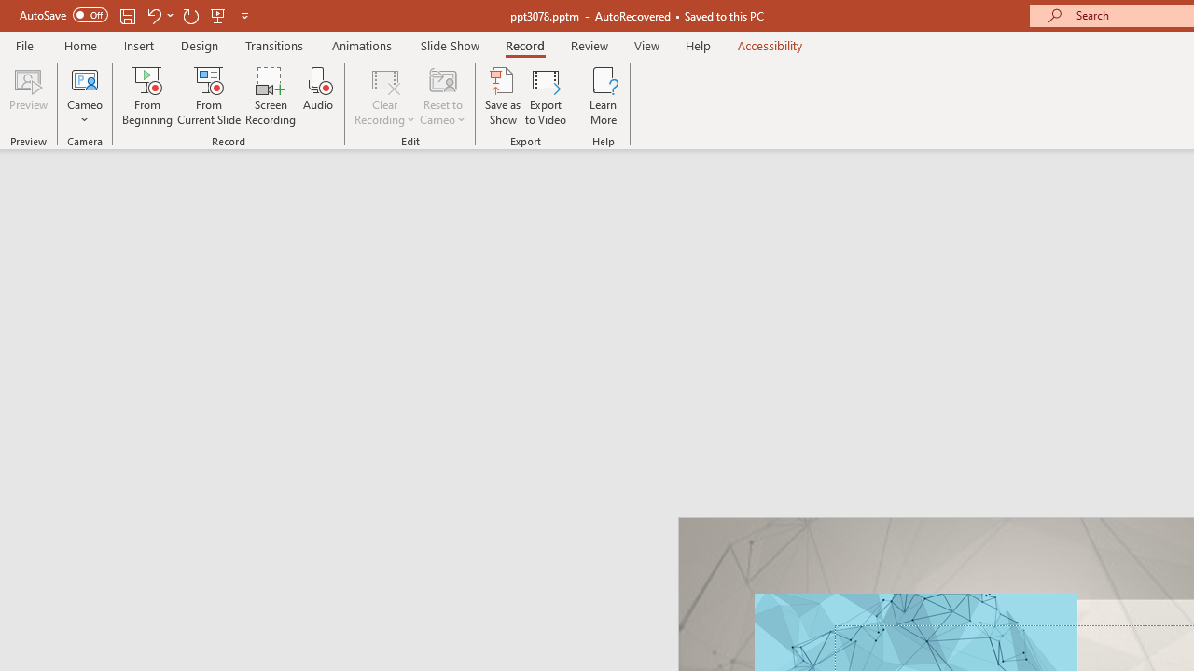 The image size is (1194, 671). What do you see at coordinates (24, 44) in the screenshot?
I see `'File Tab'` at bounding box center [24, 44].